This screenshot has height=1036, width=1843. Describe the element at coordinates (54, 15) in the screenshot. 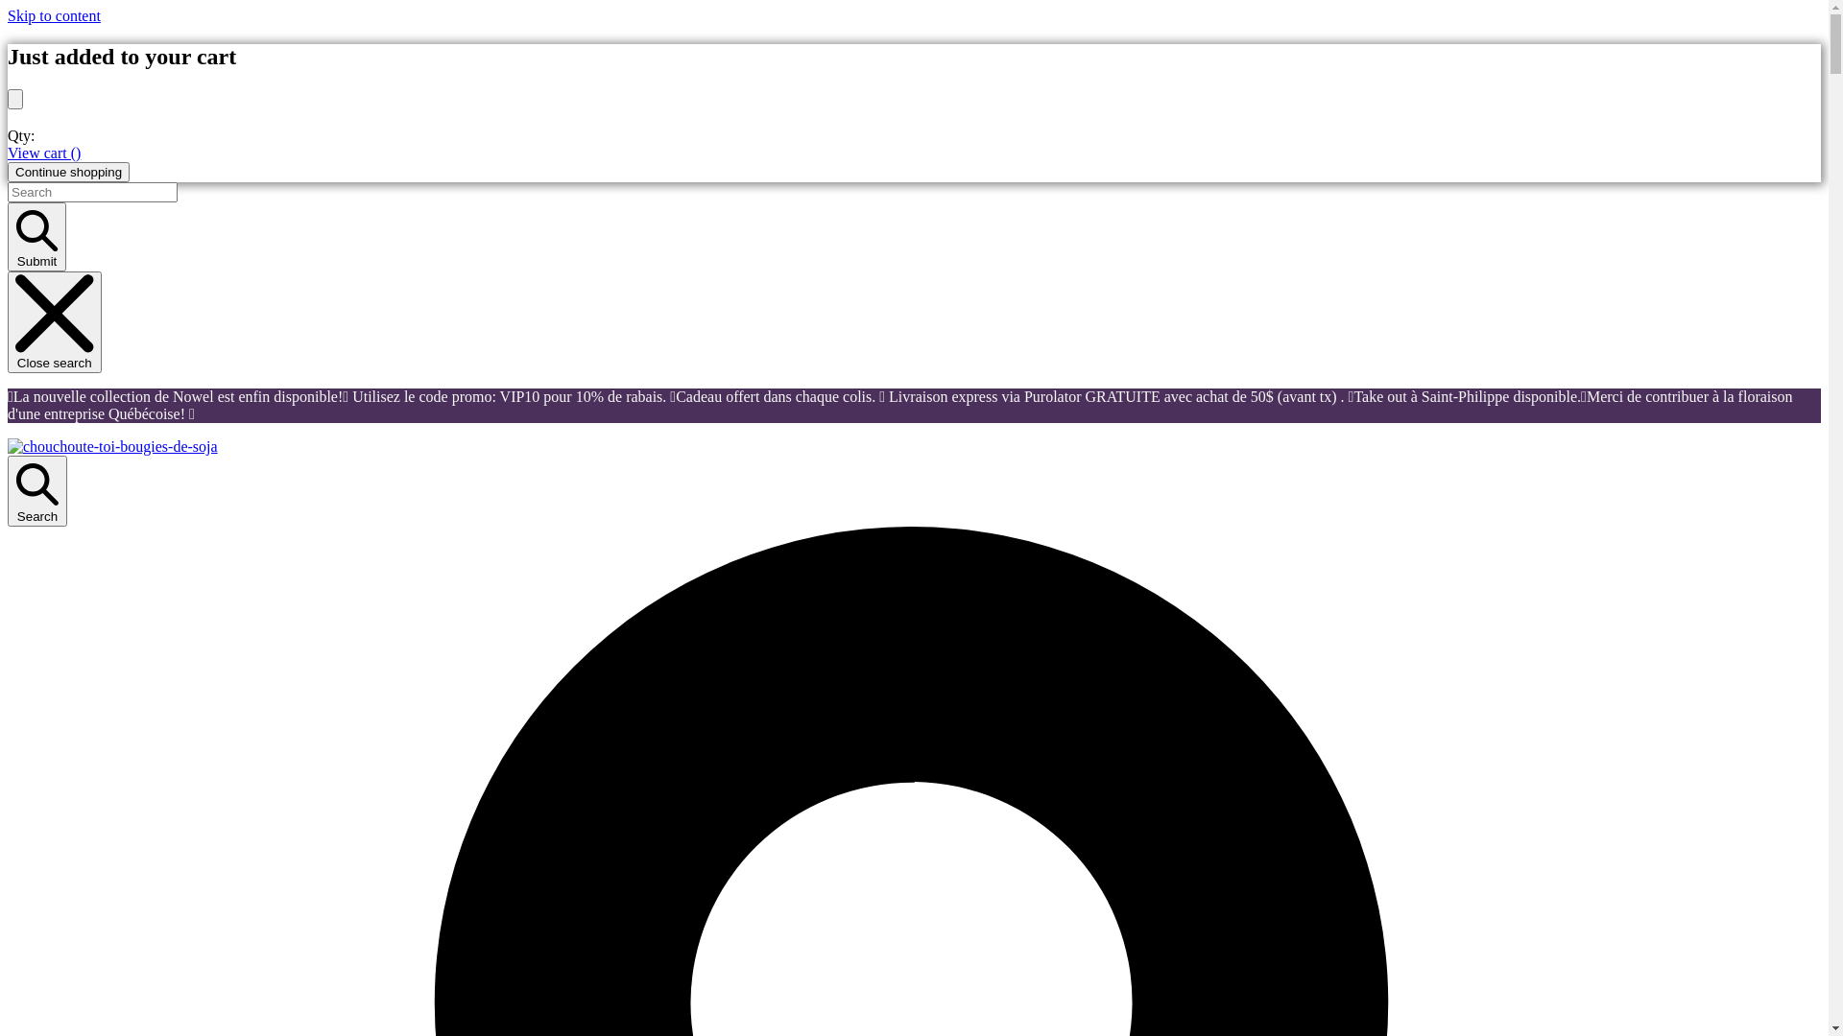

I see `'Skip to content'` at that location.